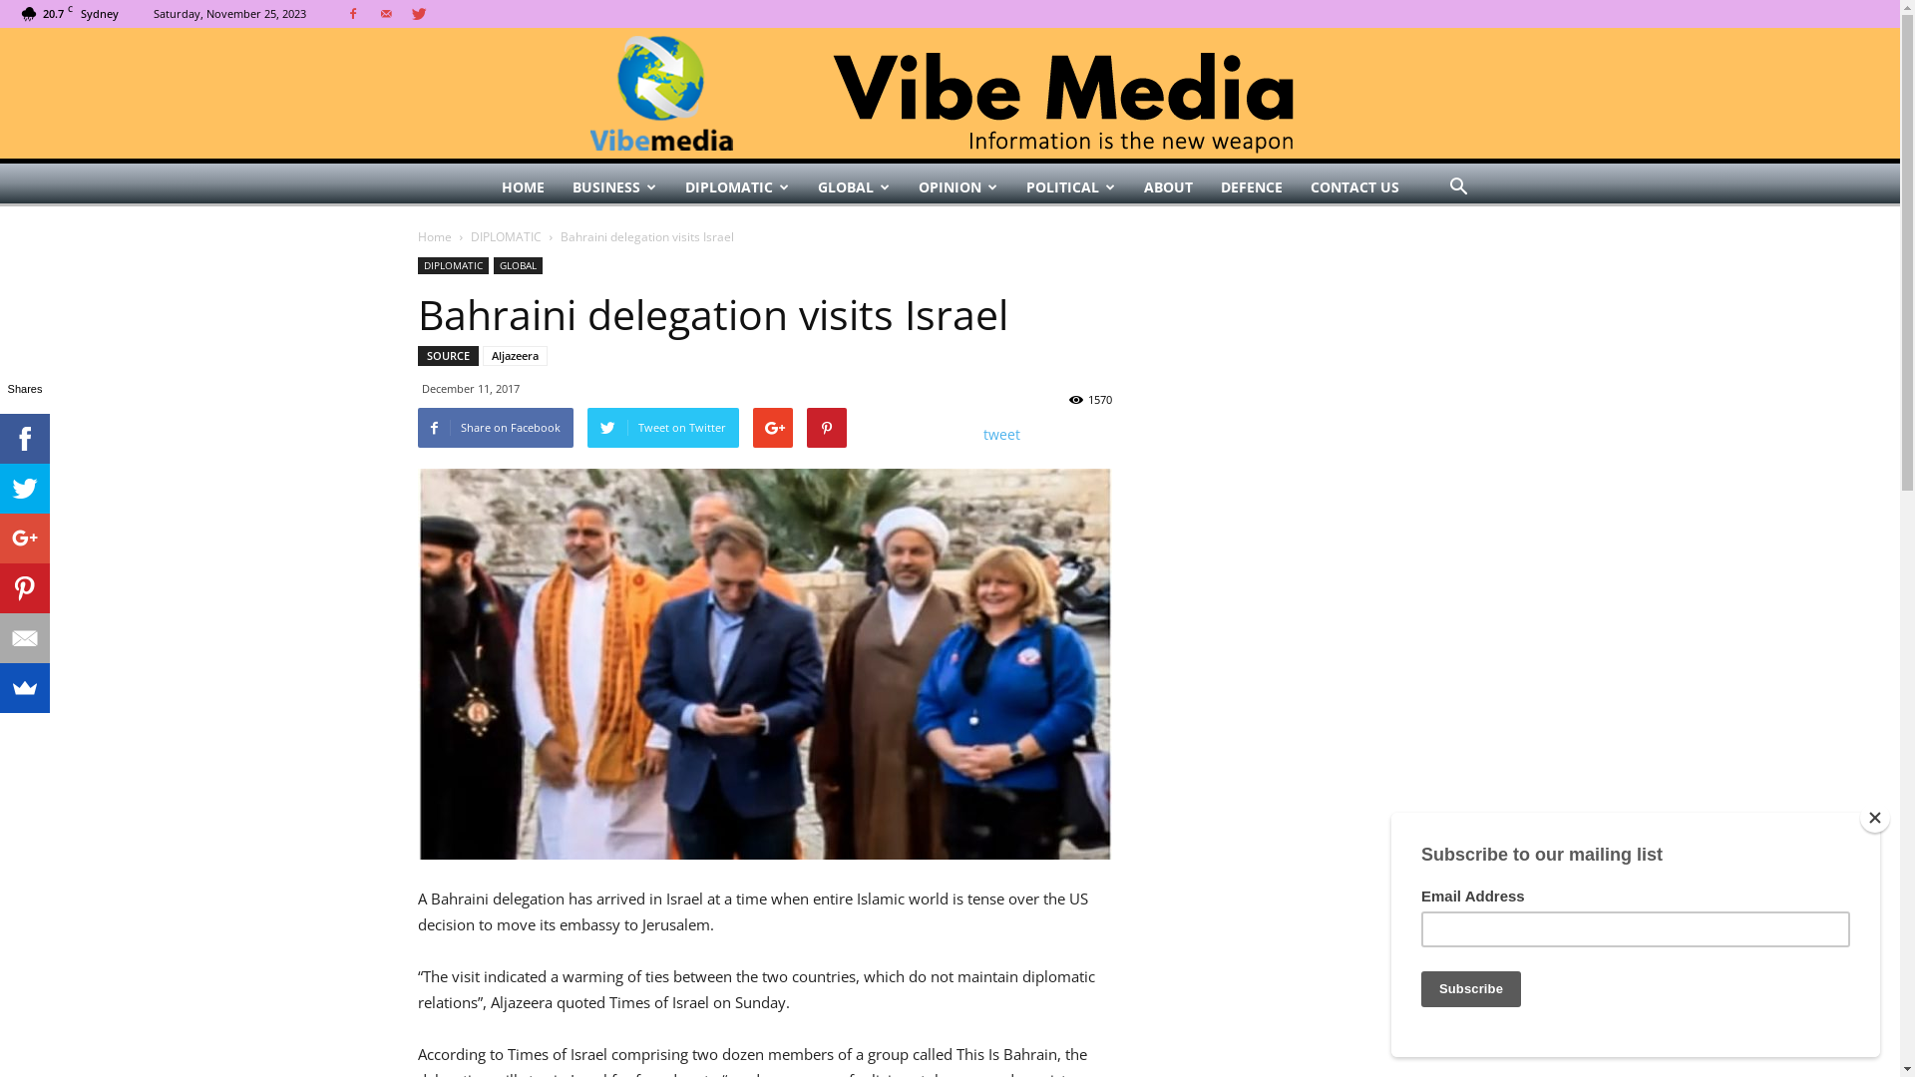 This screenshot has width=1915, height=1077. Describe the element at coordinates (517, 264) in the screenshot. I see `'GLOBAL'` at that location.